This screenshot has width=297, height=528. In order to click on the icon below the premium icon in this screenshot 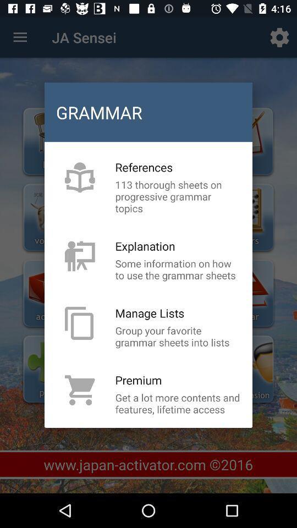, I will do `click(178, 403)`.